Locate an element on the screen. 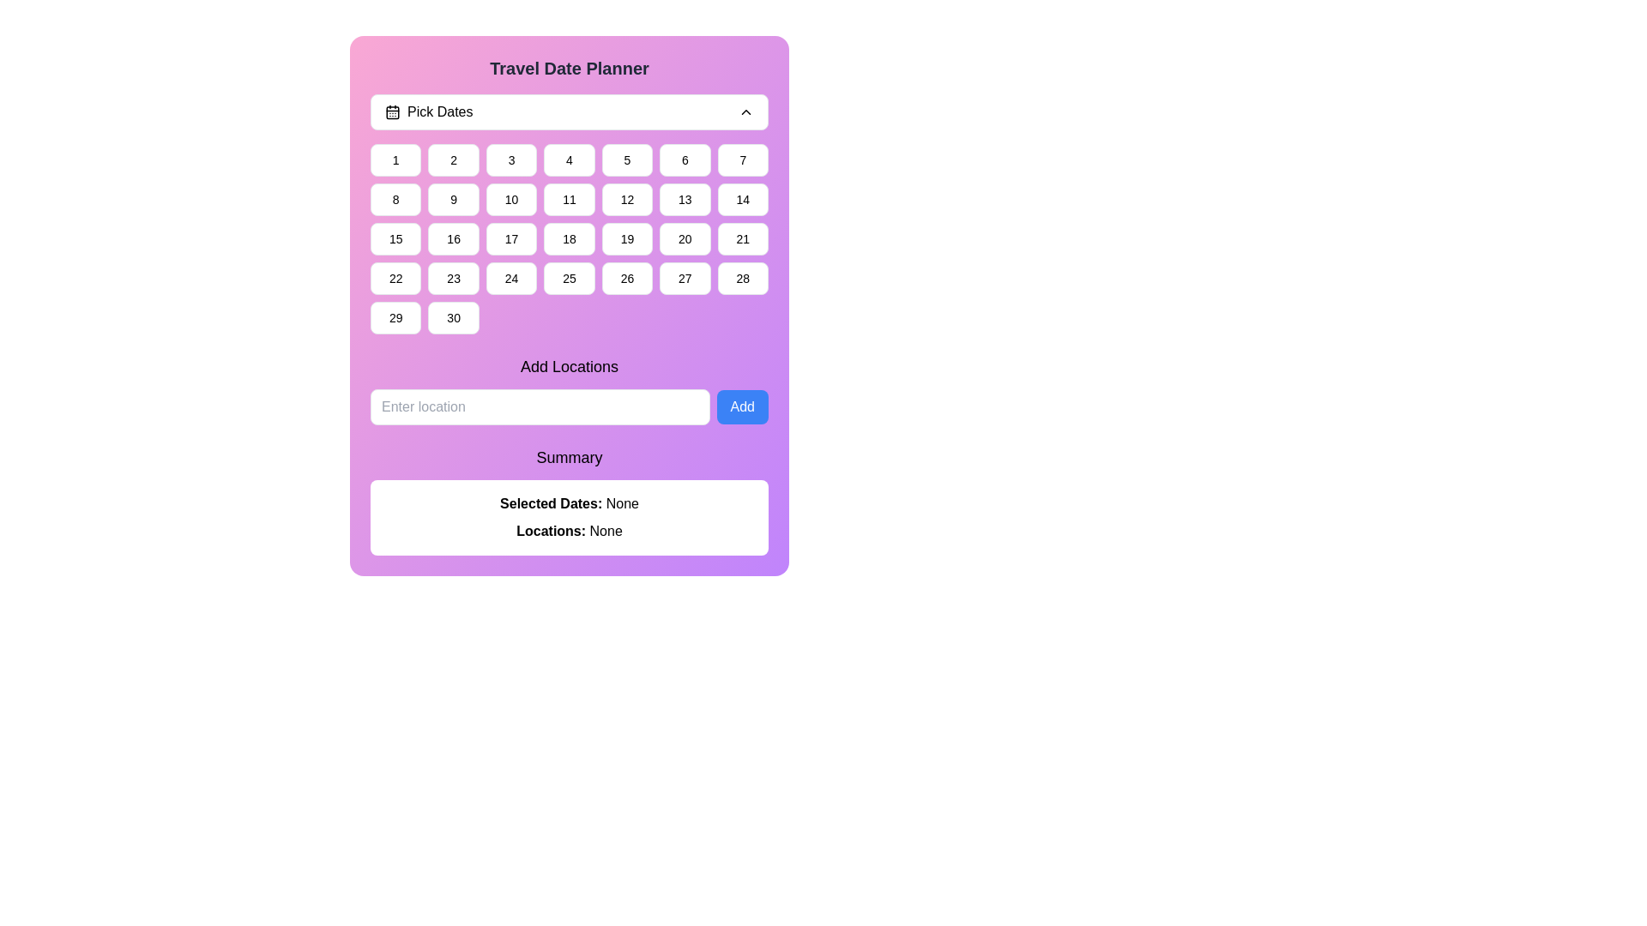 The height and width of the screenshot is (926, 1647). the button labeled '25' in the fifth row and fourth column of the calendar grid is located at coordinates (569, 277).